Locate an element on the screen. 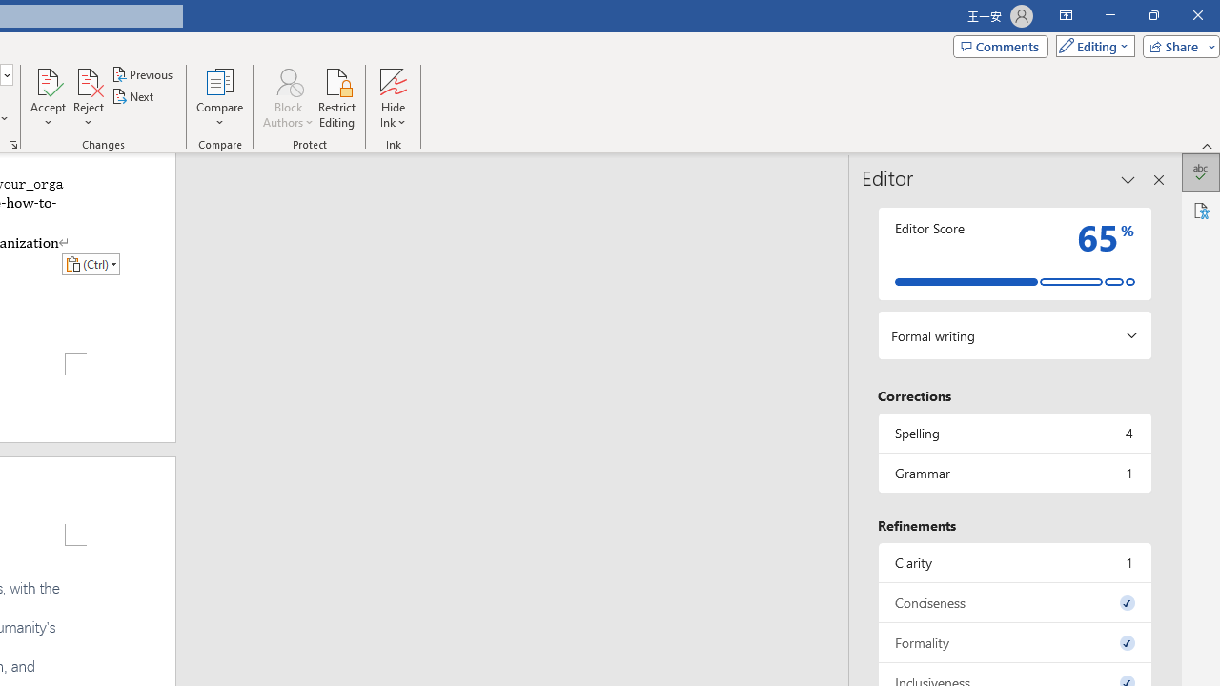 This screenshot has height=686, width=1220. 'Hide Ink' is located at coordinates (392, 80).